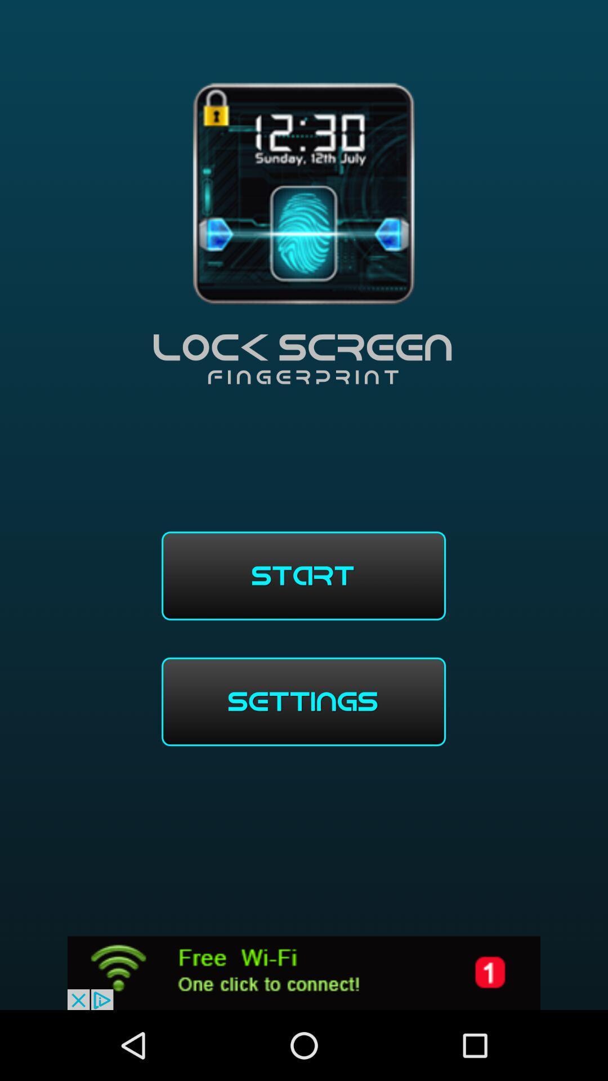 The height and width of the screenshot is (1081, 608). I want to click on wifi, so click(304, 972).